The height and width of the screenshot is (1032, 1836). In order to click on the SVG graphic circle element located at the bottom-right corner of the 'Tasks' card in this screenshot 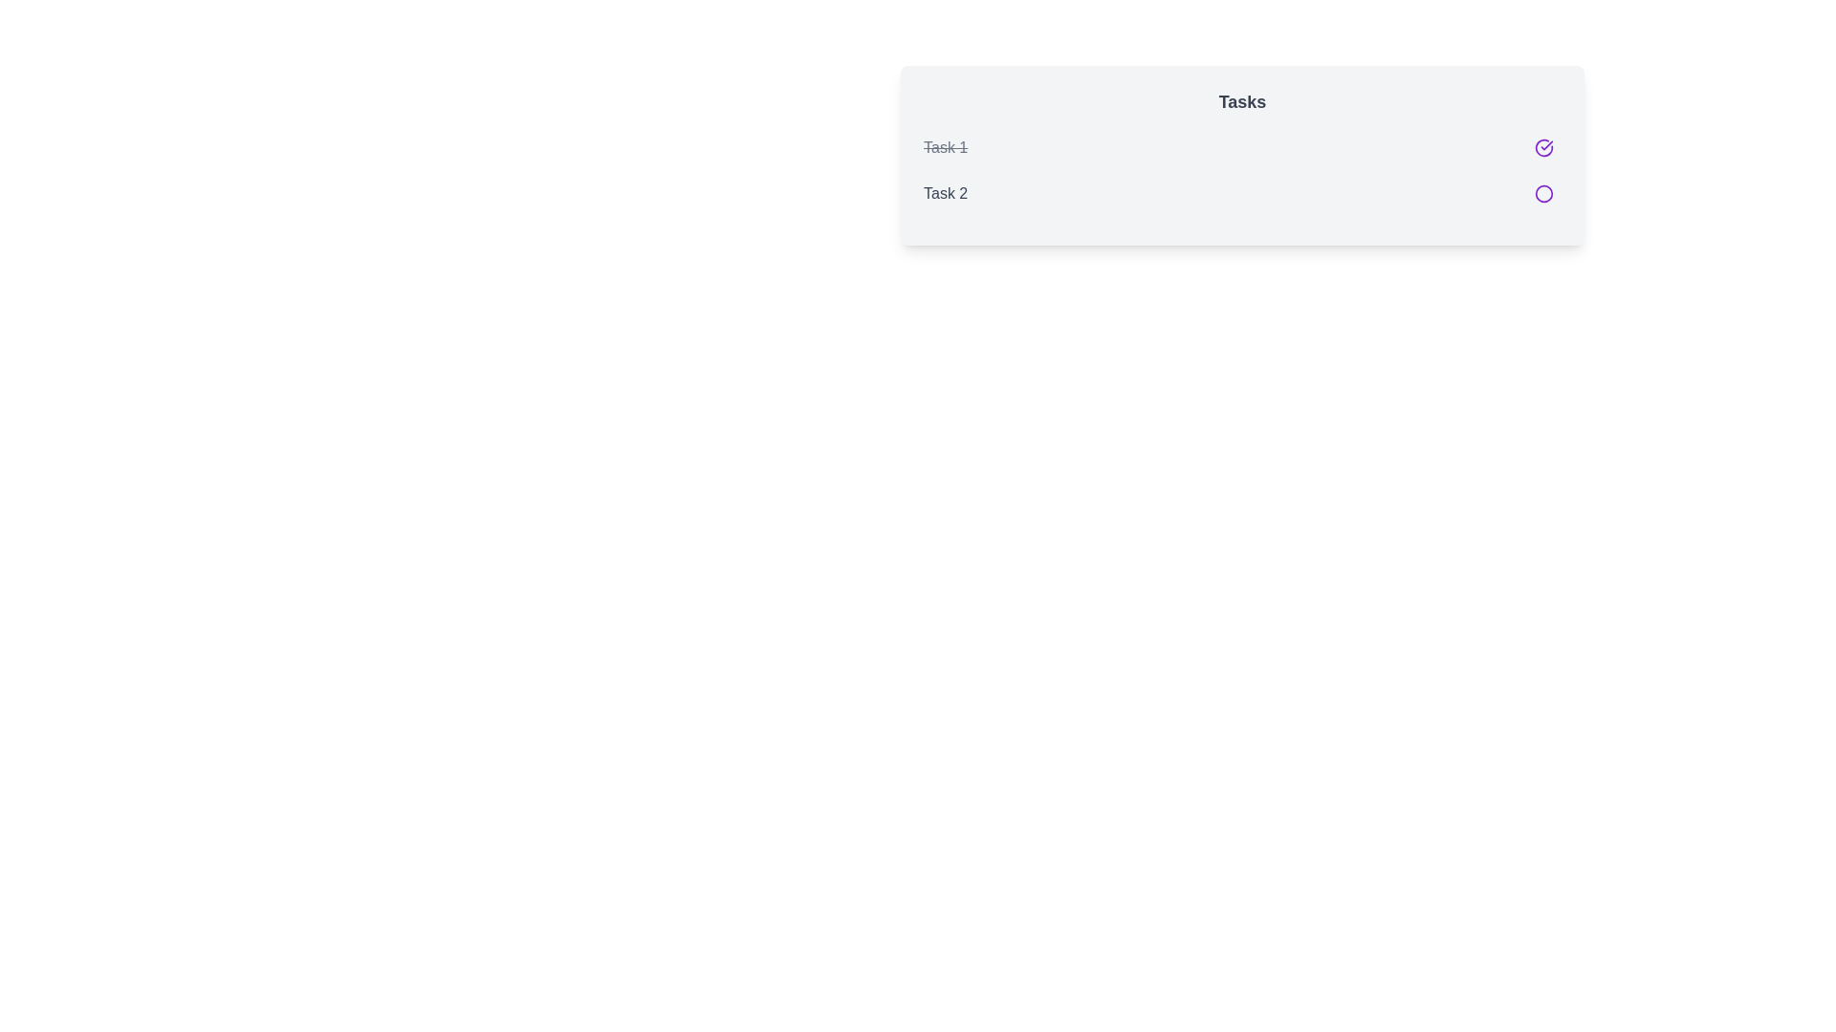, I will do `click(1543, 194)`.